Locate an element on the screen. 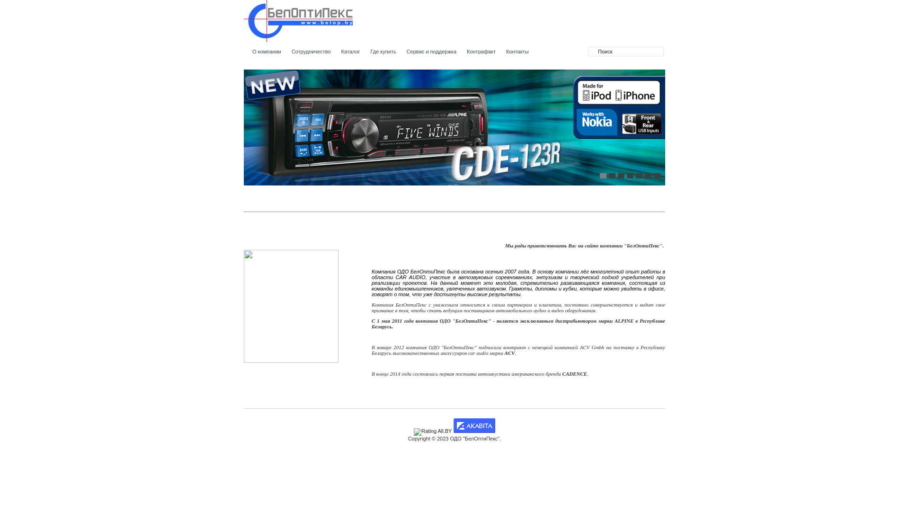 This screenshot has height=511, width=909. 'ALPINE' is located at coordinates (624, 320).